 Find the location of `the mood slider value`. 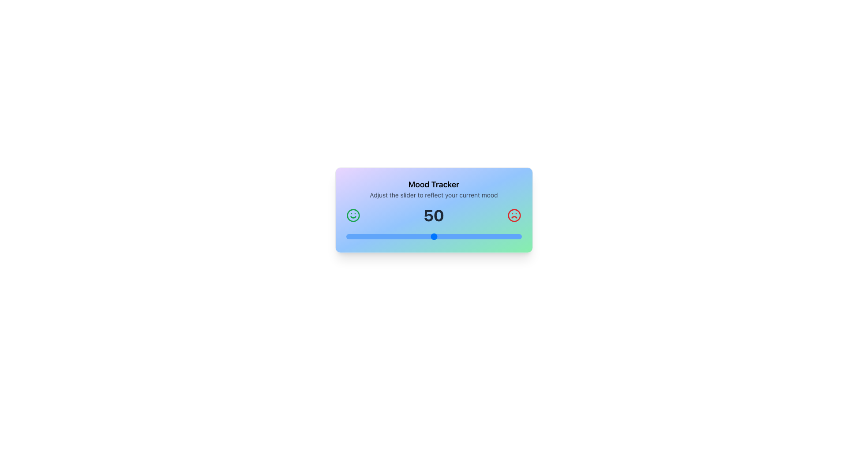

the mood slider value is located at coordinates (474, 236).